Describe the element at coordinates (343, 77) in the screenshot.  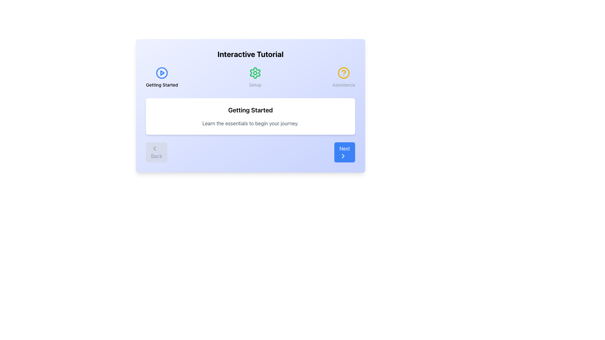
I see `the circular icon with a question mark and the label 'Assistance' below it` at that location.